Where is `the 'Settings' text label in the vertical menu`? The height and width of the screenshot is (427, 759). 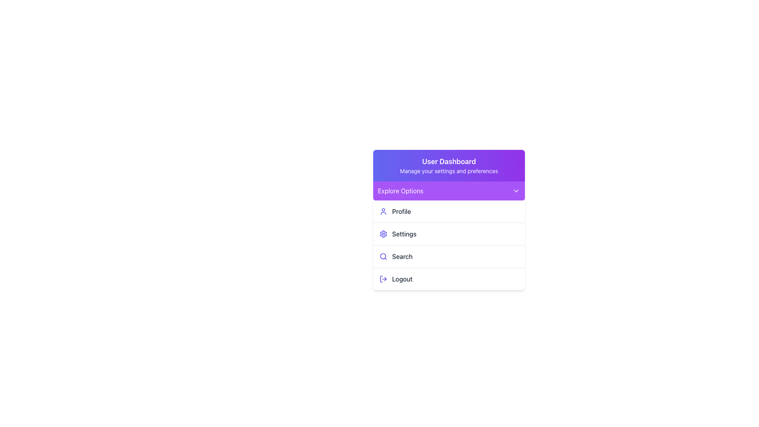 the 'Settings' text label in the vertical menu is located at coordinates (404, 233).